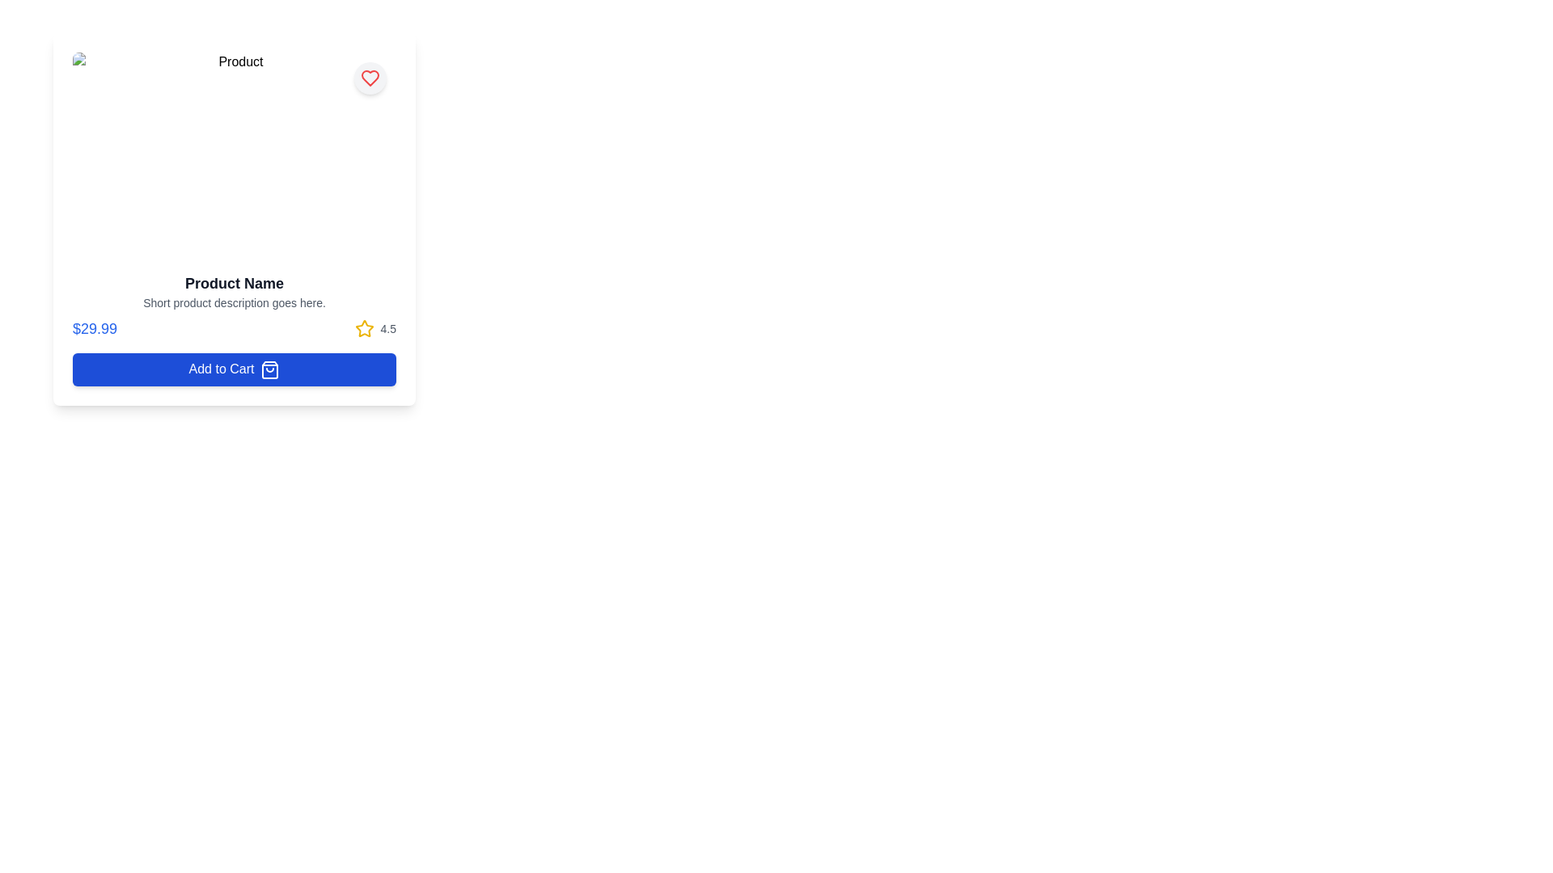 This screenshot has height=873, width=1553. Describe the element at coordinates (94, 328) in the screenshot. I see `the price text element displaying '$29.99' in blue font, located at the bottom left of the product card, before the star rating and review count` at that location.